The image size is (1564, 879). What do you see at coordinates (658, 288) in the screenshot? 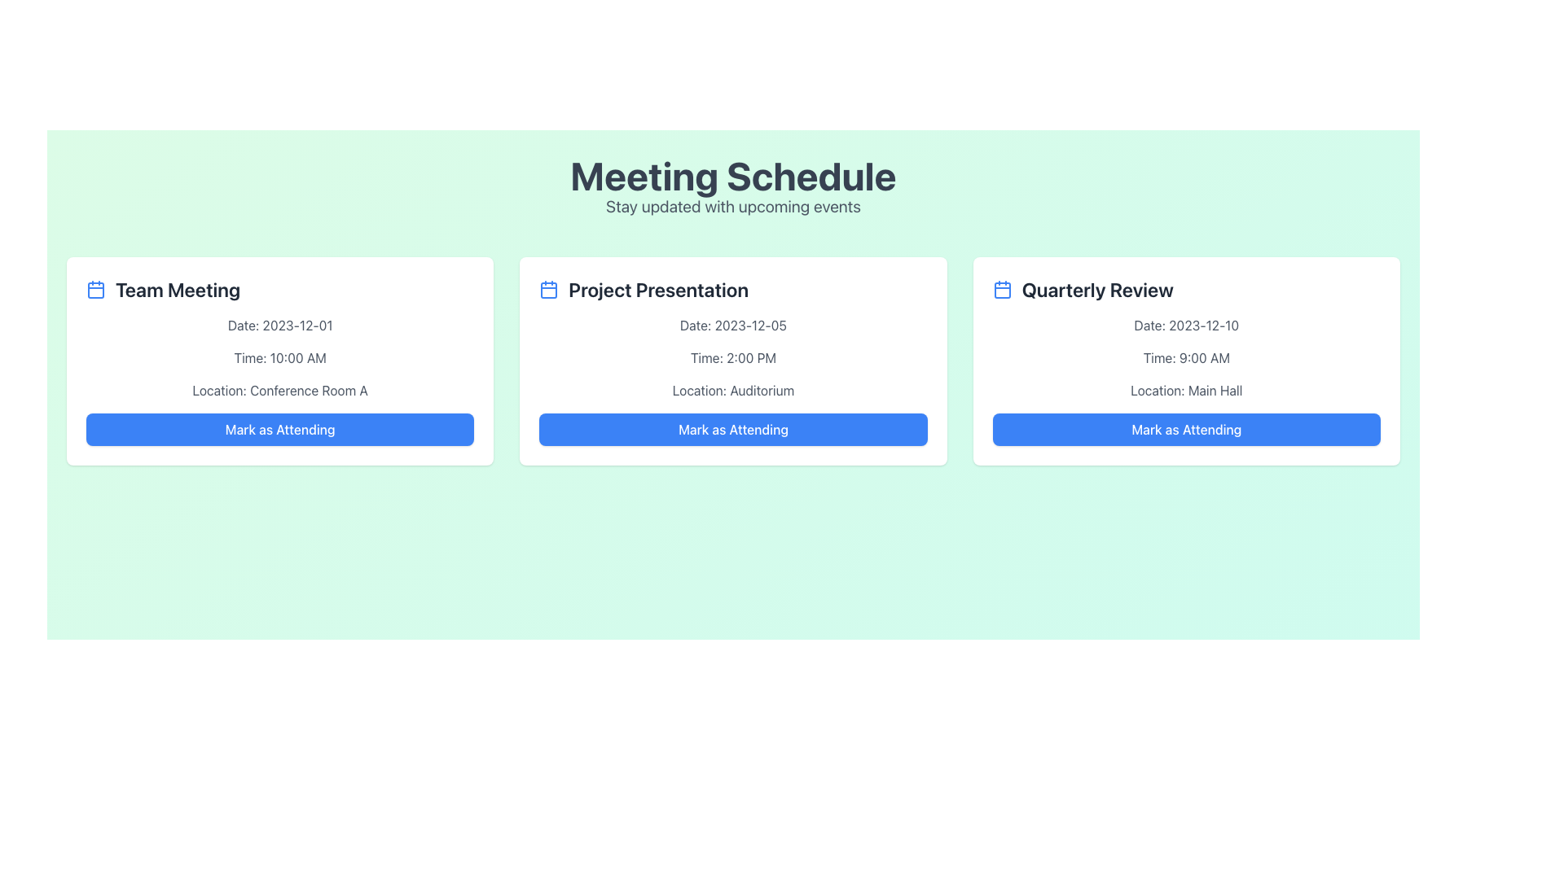
I see `text from the 'Project Presentation' label, which is styled in a large, bold font and is part of a card structure with a blue calendar icon on its left` at bounding box center [658, 288].